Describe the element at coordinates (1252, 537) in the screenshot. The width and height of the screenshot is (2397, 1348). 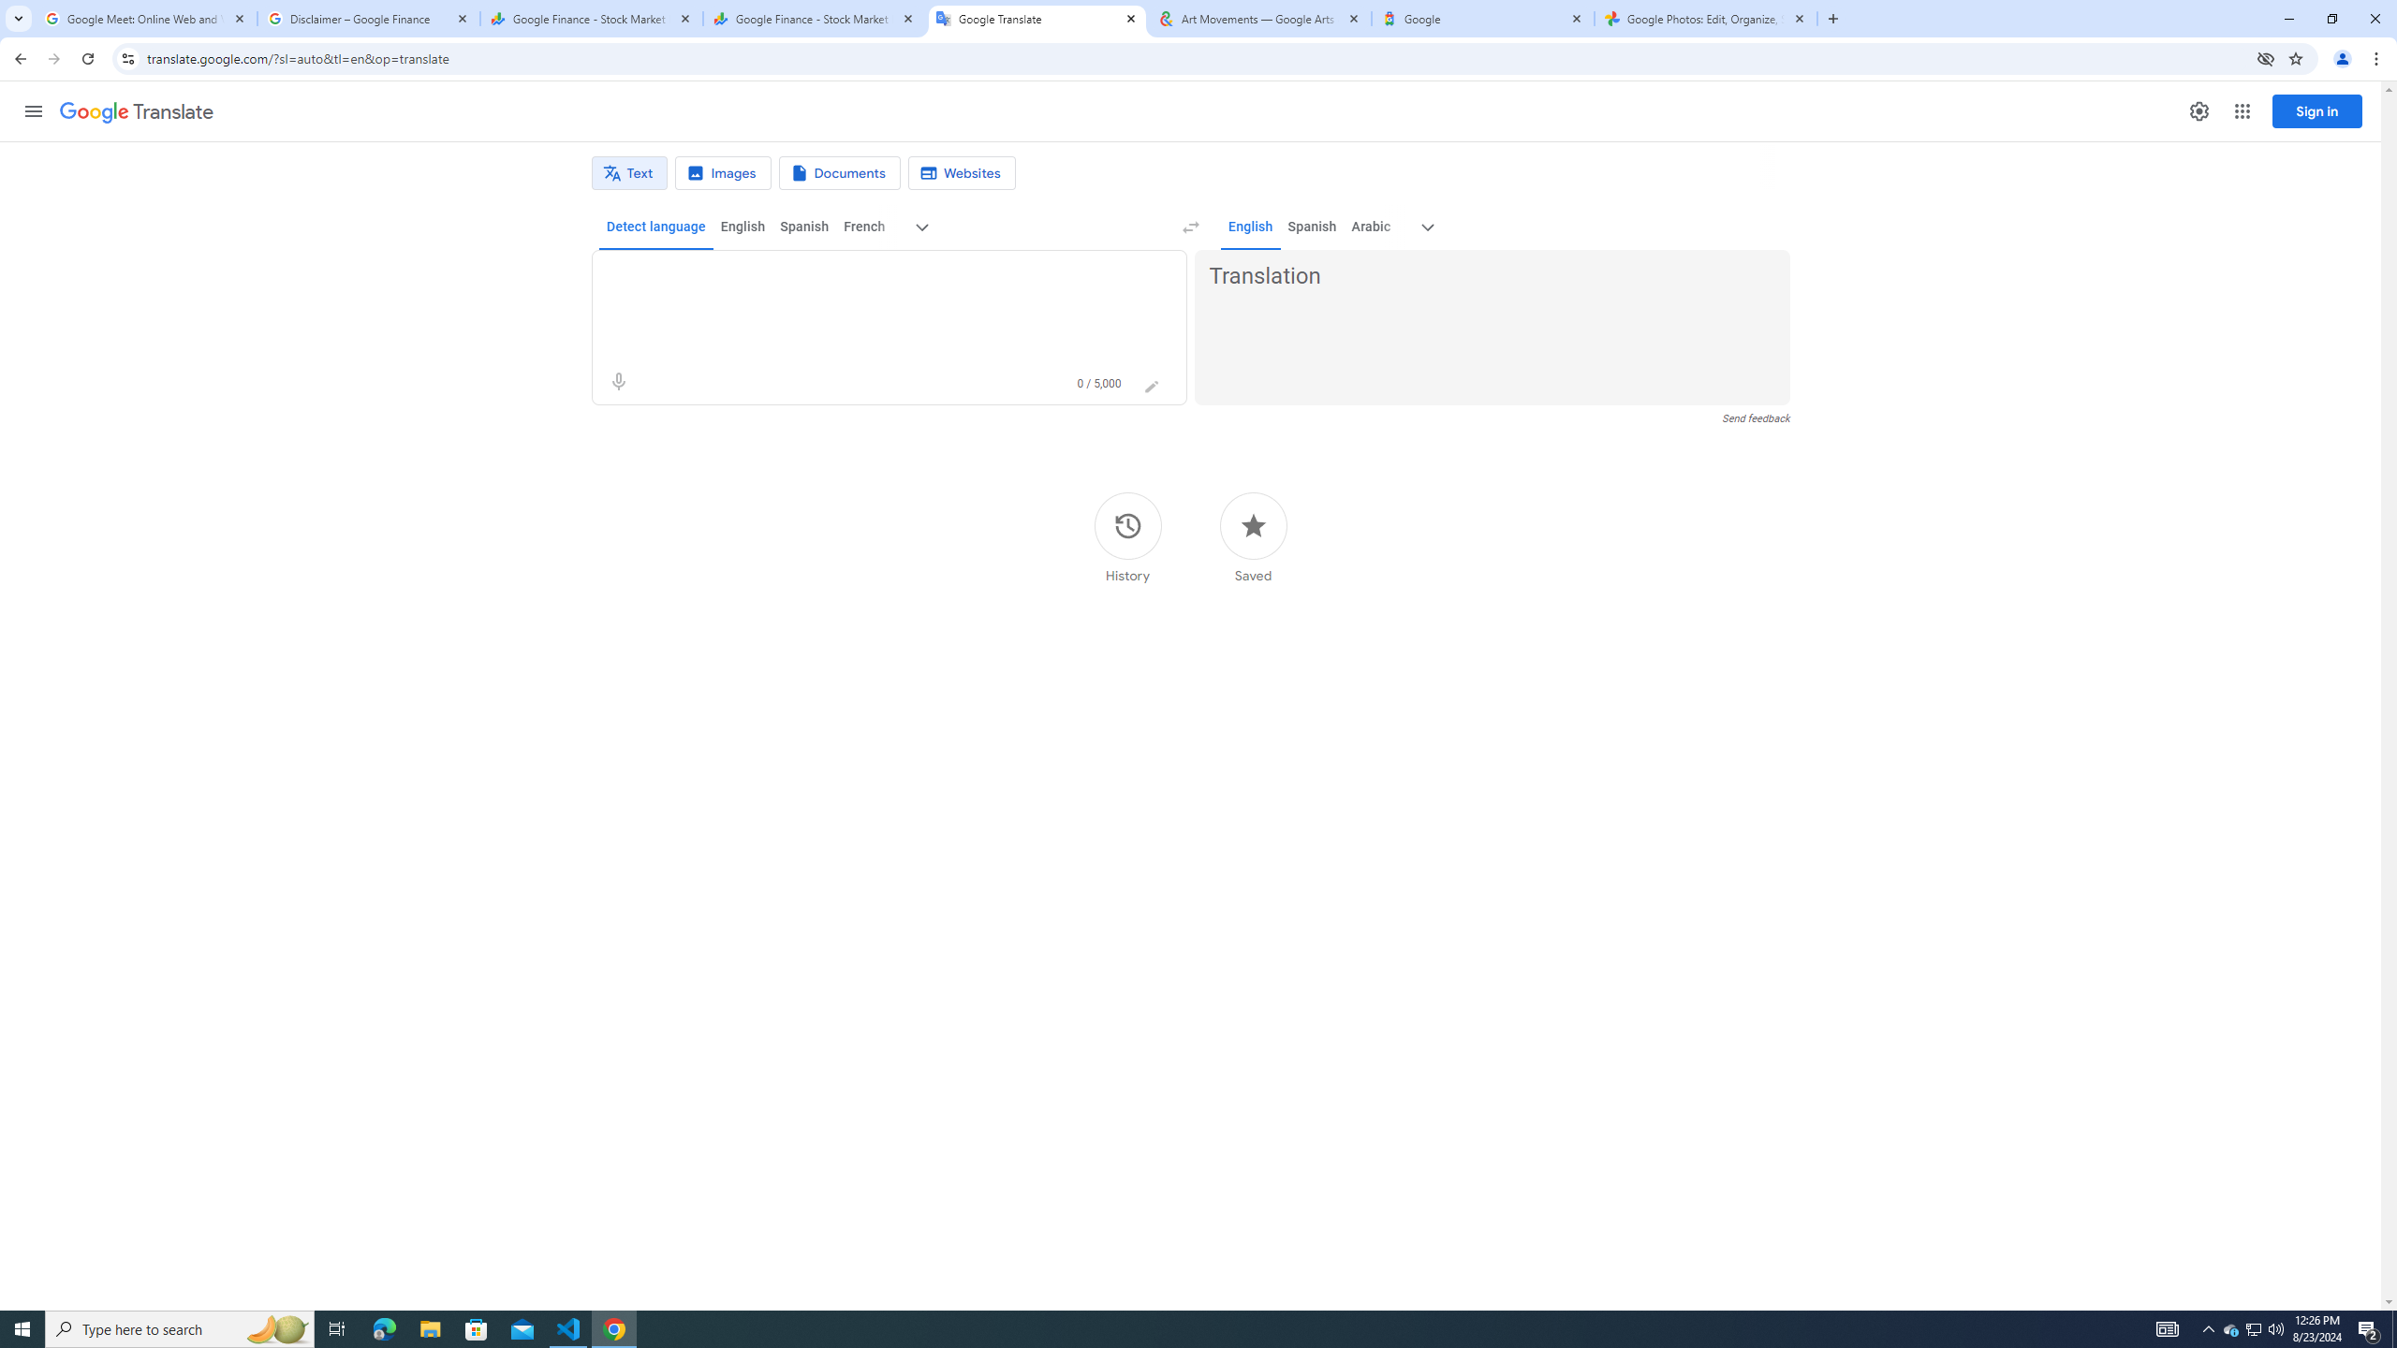
I see `'Saved'` at that location.